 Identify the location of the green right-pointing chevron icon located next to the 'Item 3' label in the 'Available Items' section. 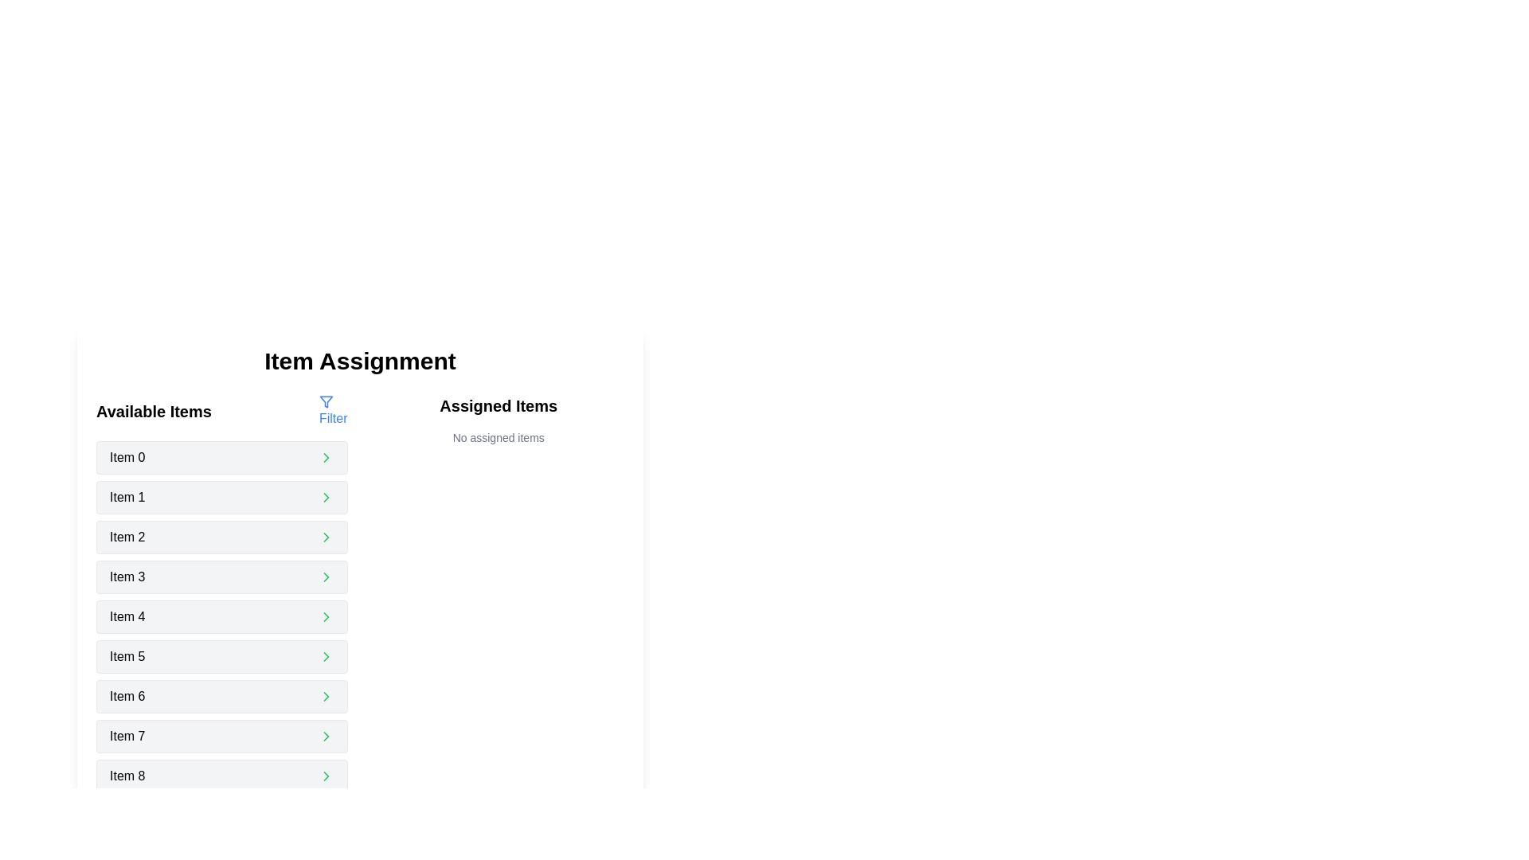
(325, 577).